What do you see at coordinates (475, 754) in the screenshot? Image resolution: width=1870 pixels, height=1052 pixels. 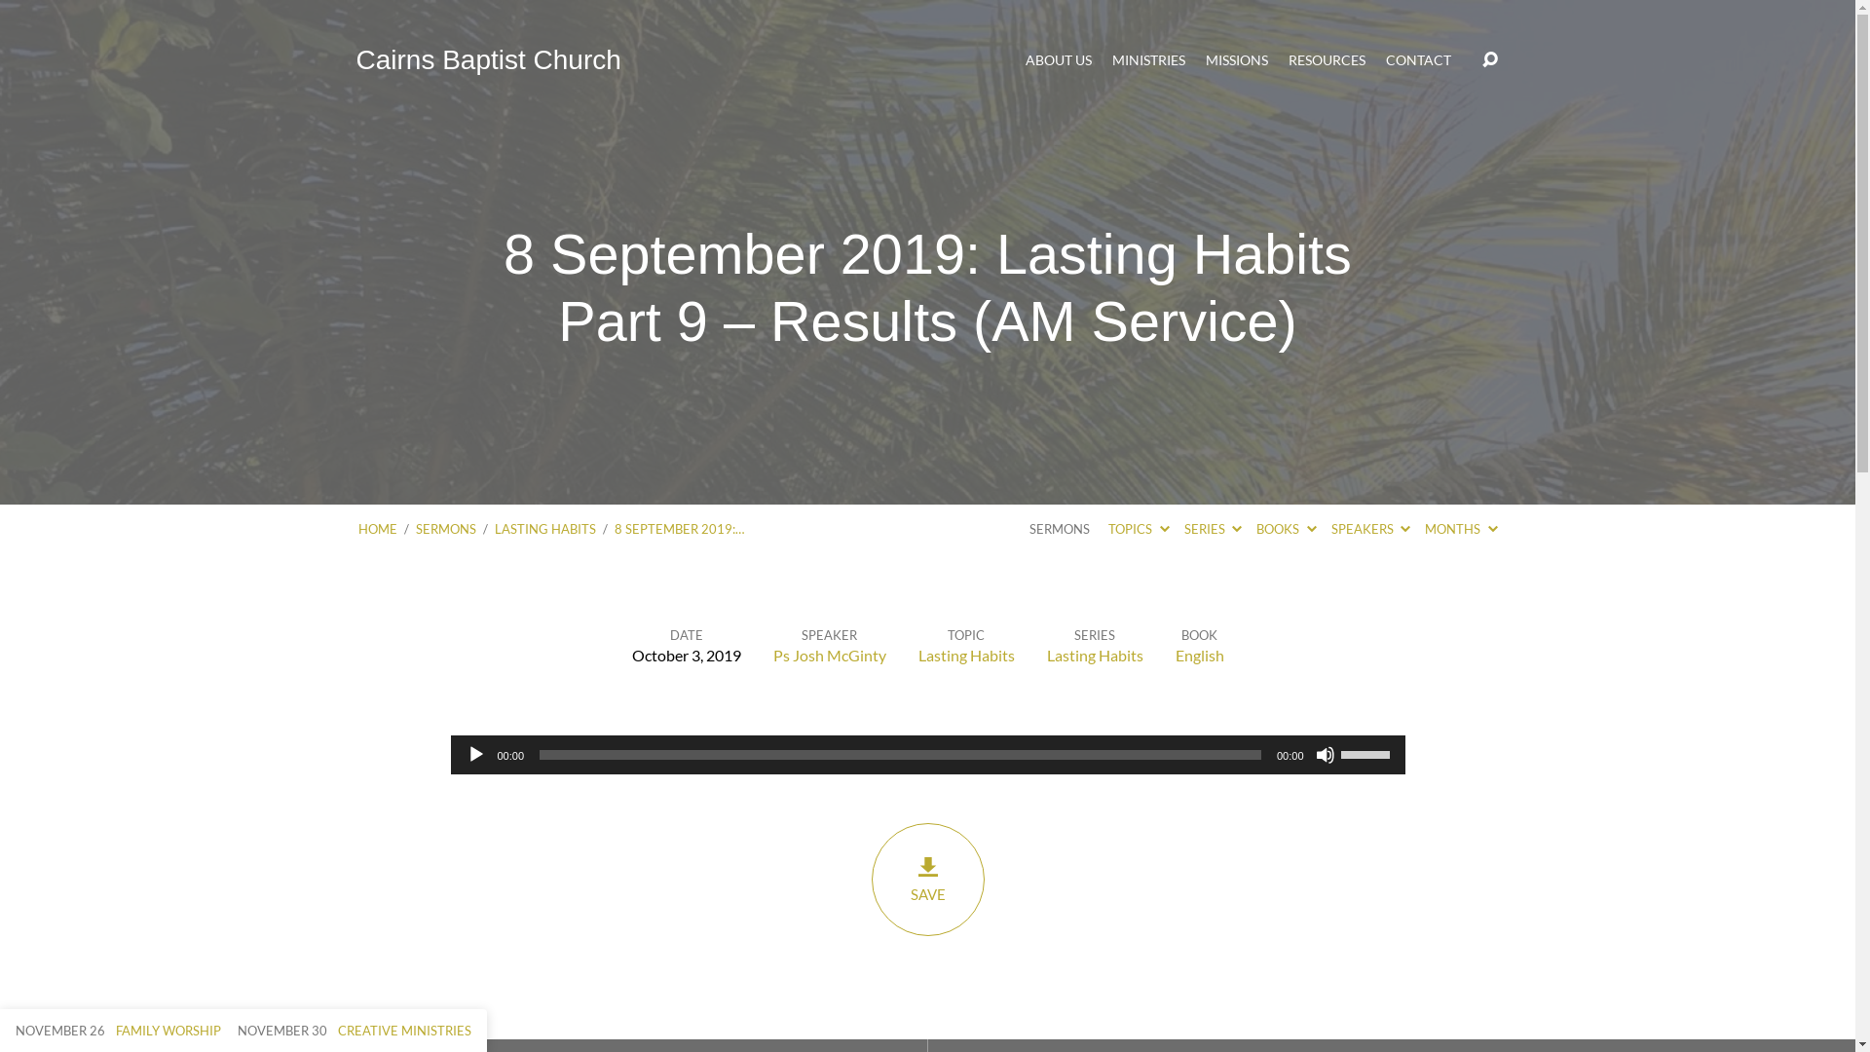 I see `'Play'` at bounding box center [475, 754].